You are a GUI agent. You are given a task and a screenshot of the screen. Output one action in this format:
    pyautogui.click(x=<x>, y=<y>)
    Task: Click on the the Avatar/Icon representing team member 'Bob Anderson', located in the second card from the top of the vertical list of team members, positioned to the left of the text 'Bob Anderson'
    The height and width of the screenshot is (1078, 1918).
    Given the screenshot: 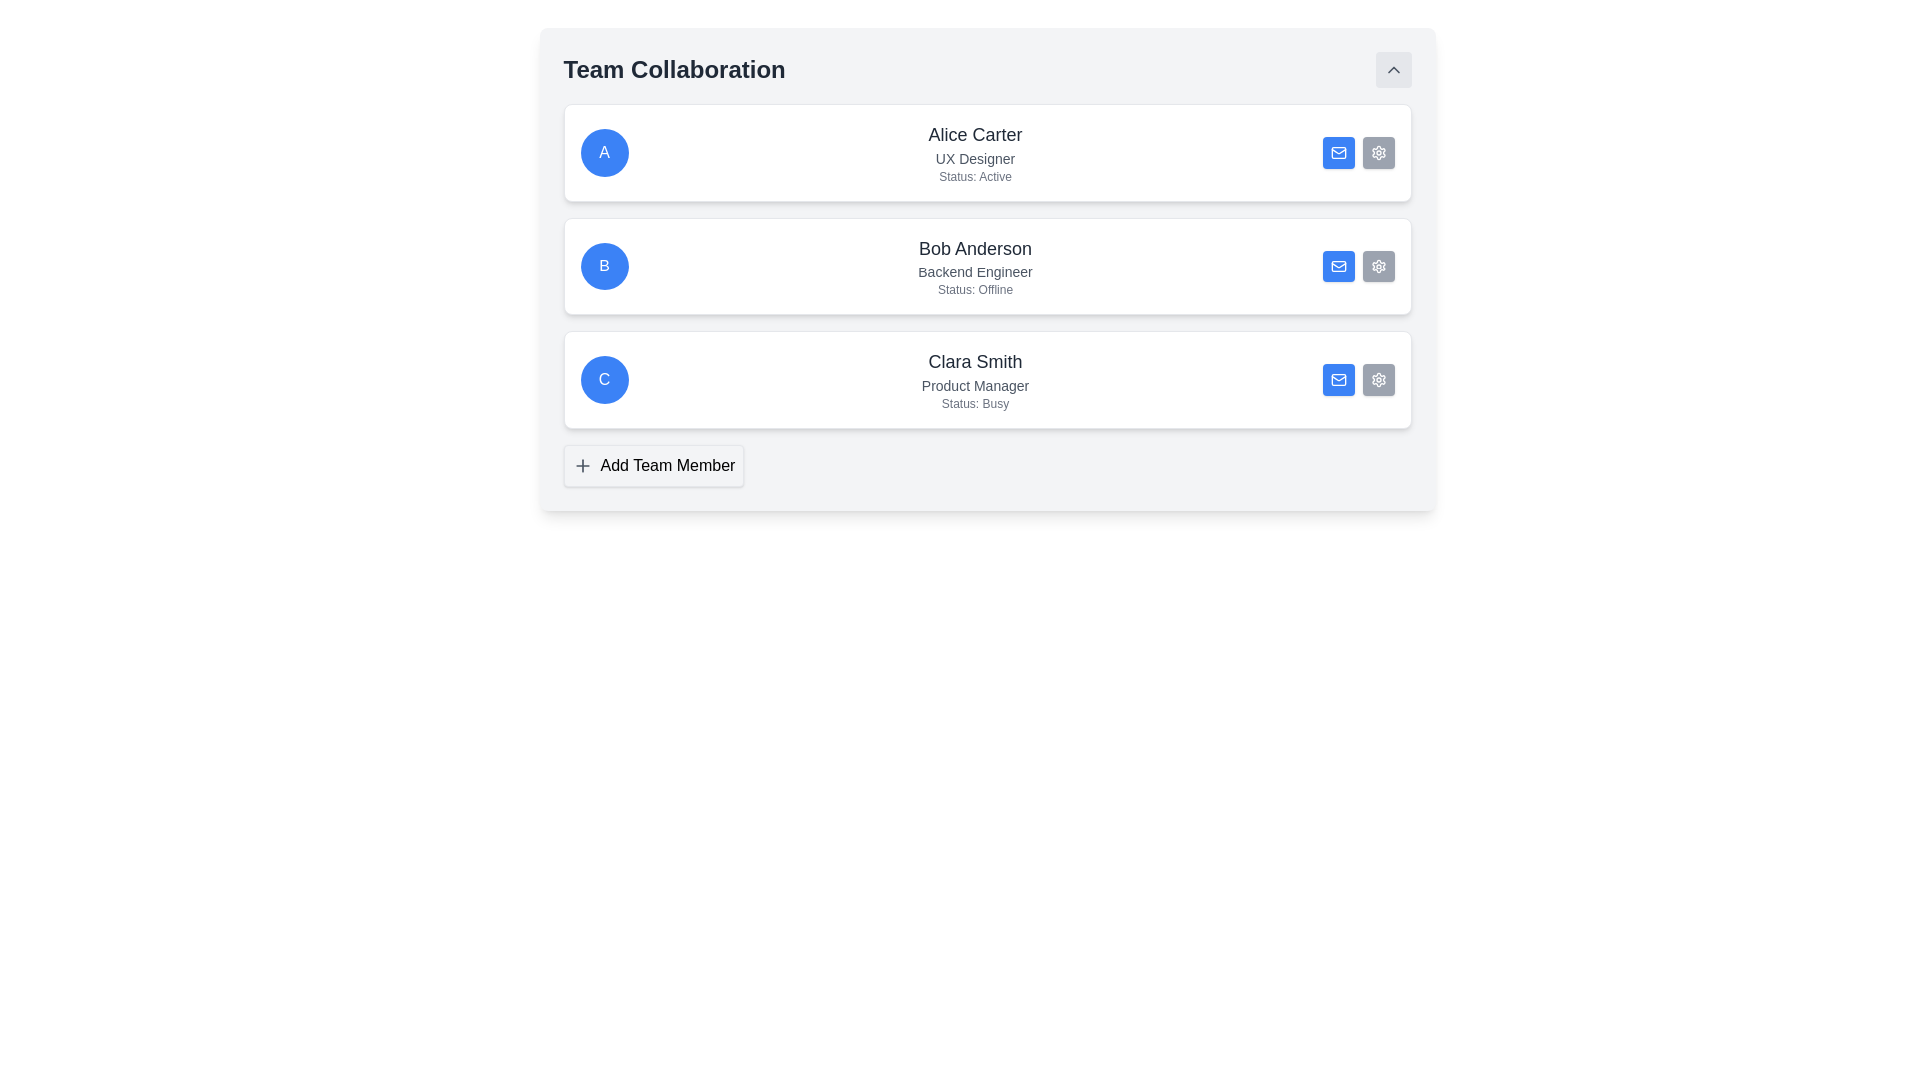 What is the action you would take?
    pyautogui.click(x=603, y=265)
    